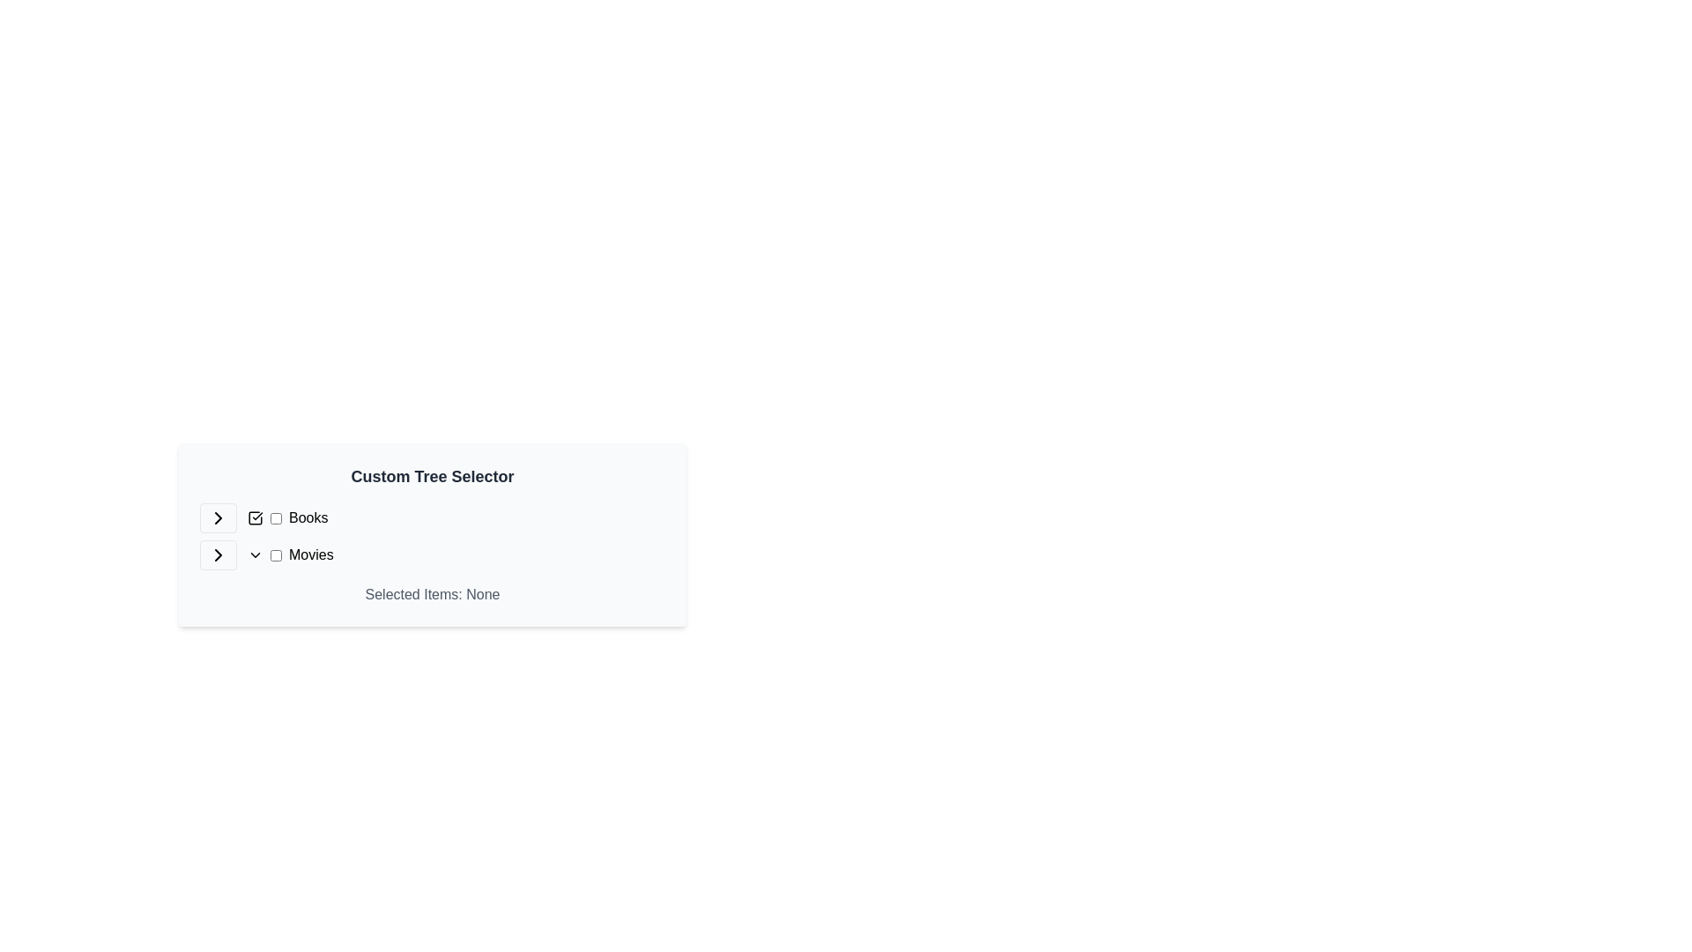  I want to click on the chevron dropdown toggle icon, so click(254, 554).